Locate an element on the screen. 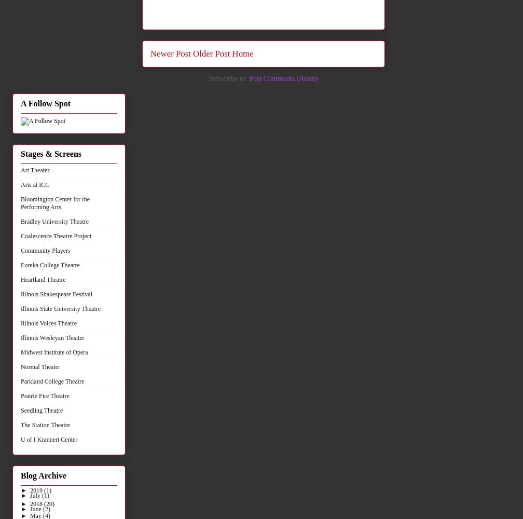 The width and height of the screenshot is (523, 519). 'The Station Theatre' is located at coordinates (45, 425).